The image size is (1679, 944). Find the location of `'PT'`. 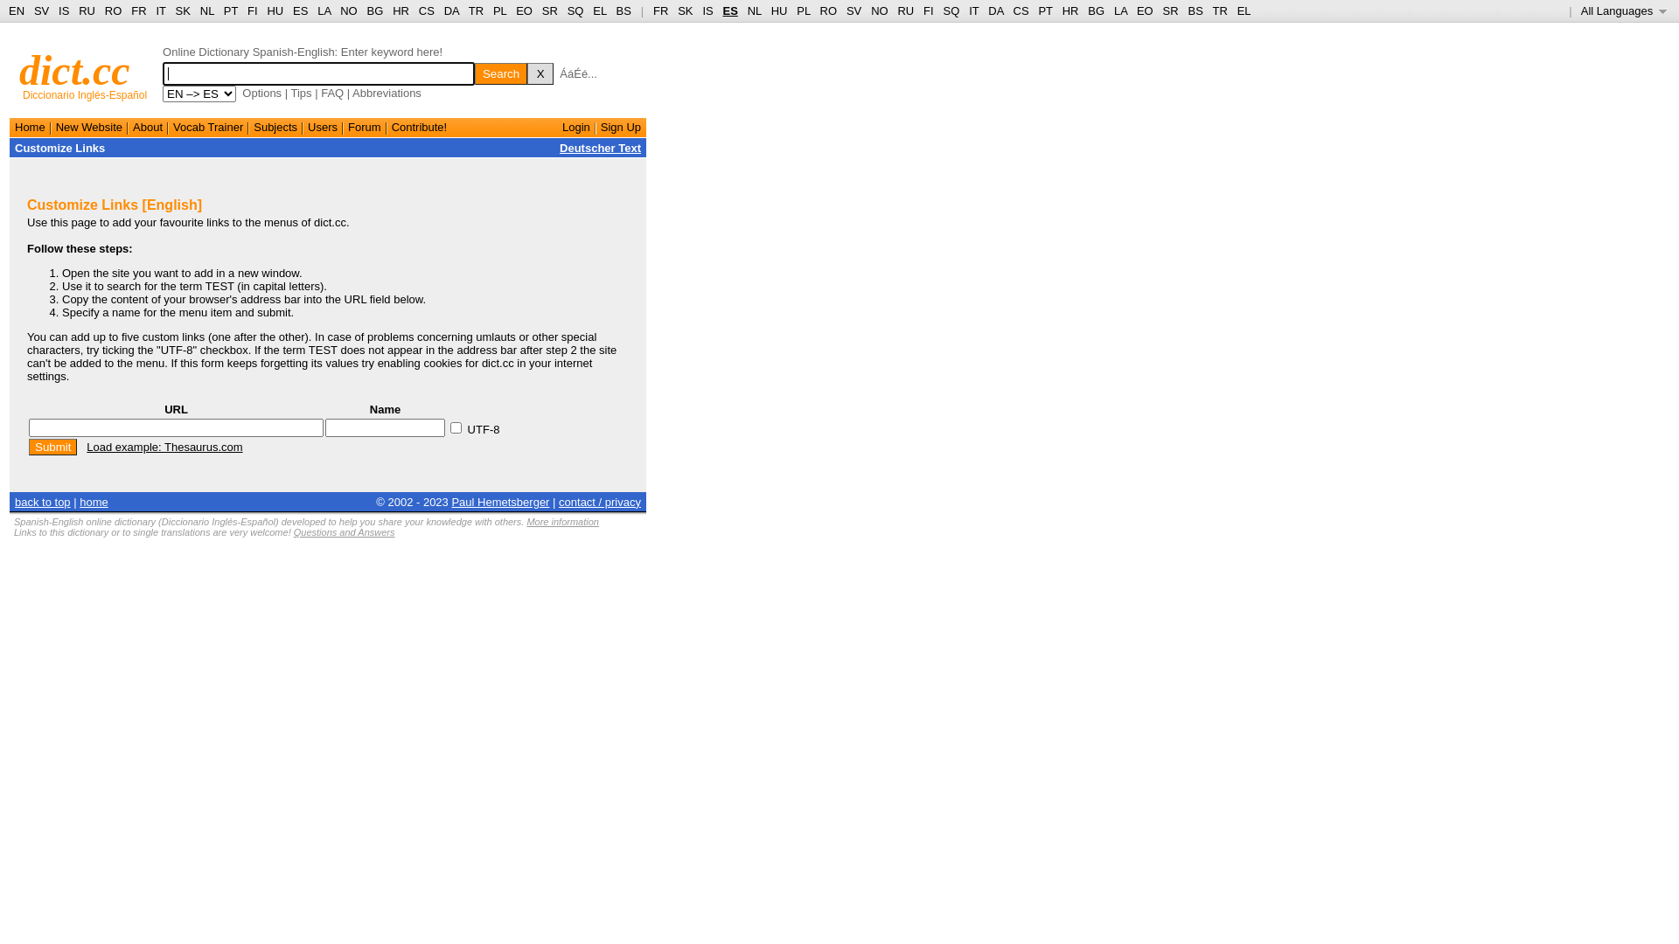

'PT' is located at coordinates (1037, 10).